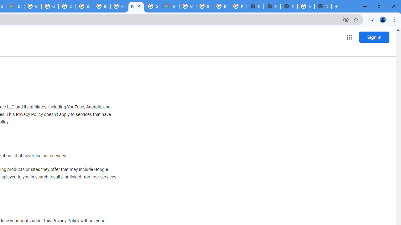 This screenshot has height=225, width=401. What do you see at coordinates (37, 107) in the screenshot?
I see `'affiliates'` at bounding box center [37, 107].